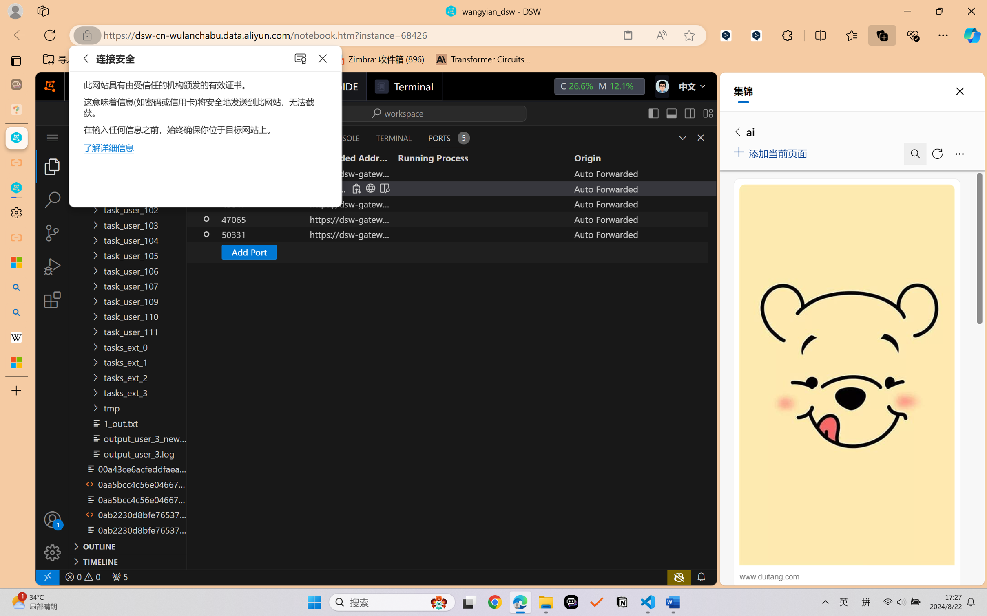 This screenshot has width=987, height=616. Describe the element at coordinates (52, 266) in the screenshot. I see `'Run and Debug (Ctrl+Shift+D)'` at that location.